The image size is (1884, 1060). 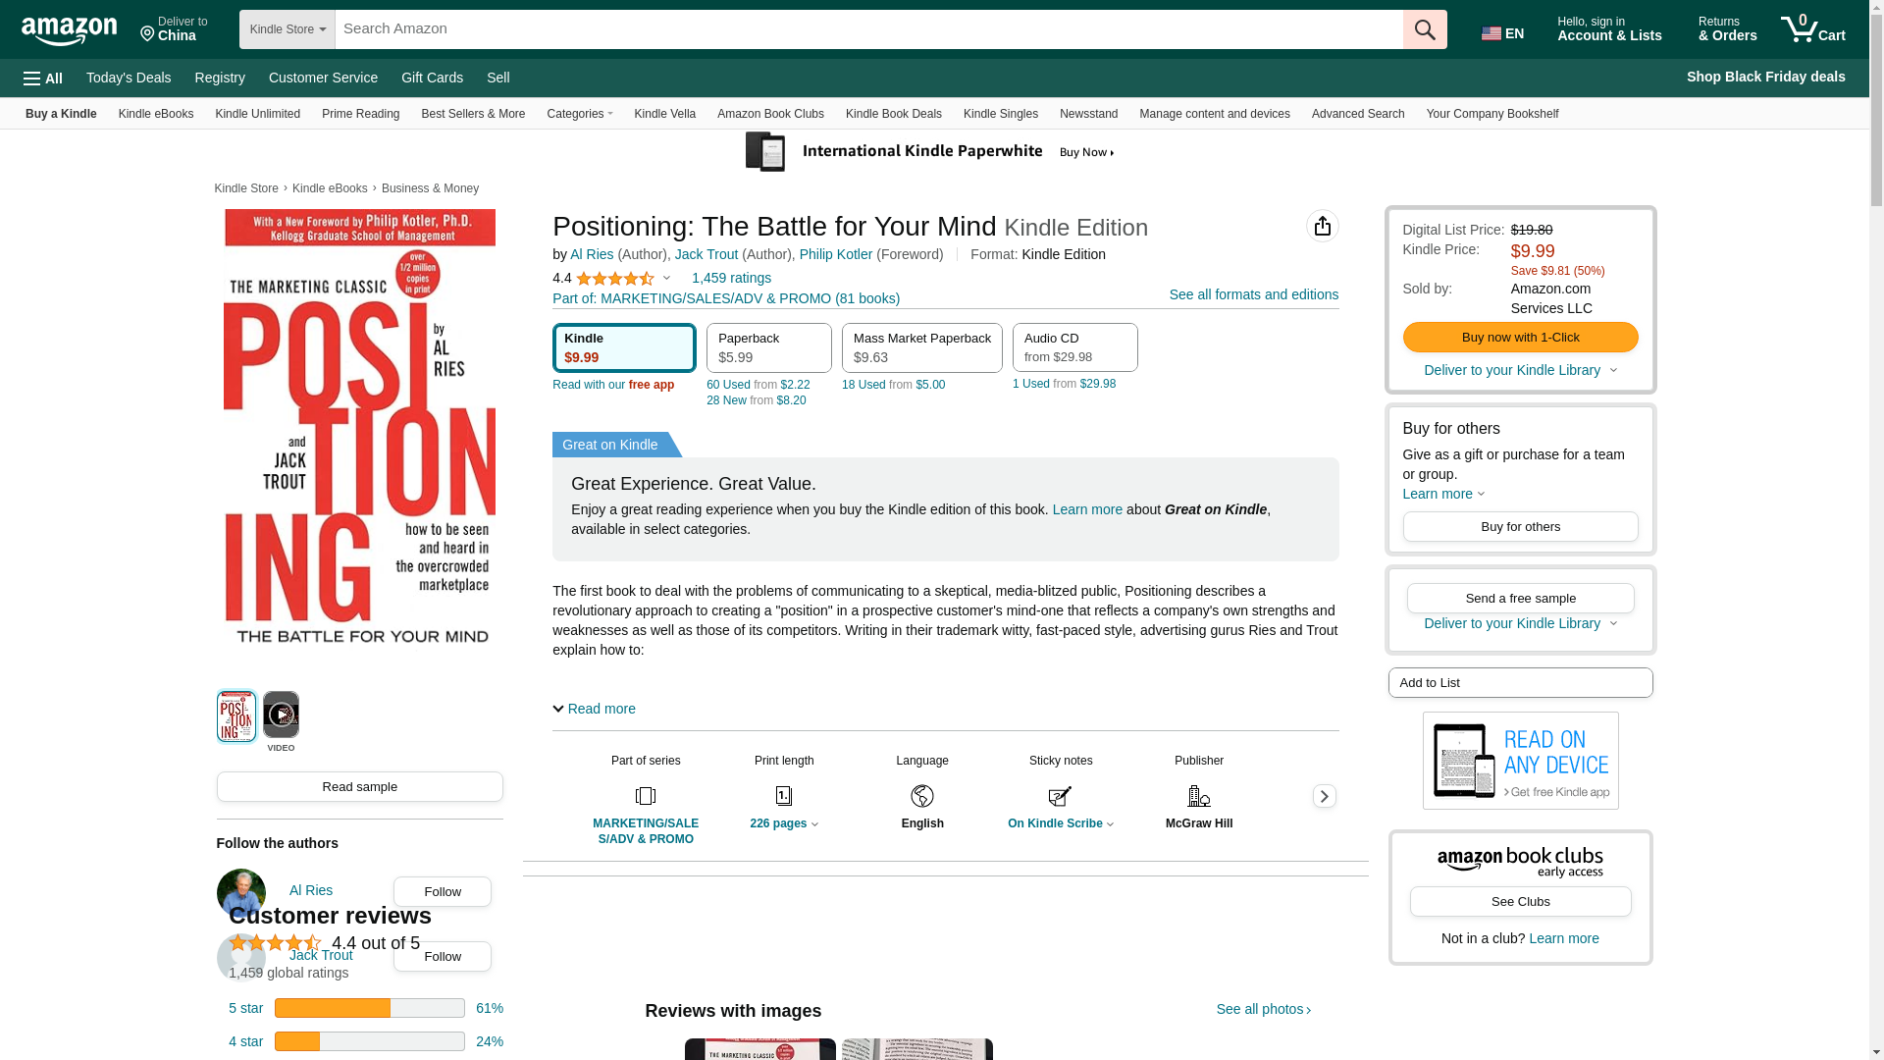 What do you see at coordinates (323, 76) in the screenshot?
I see `'Customer Service'` at bounding box center [323, 76].